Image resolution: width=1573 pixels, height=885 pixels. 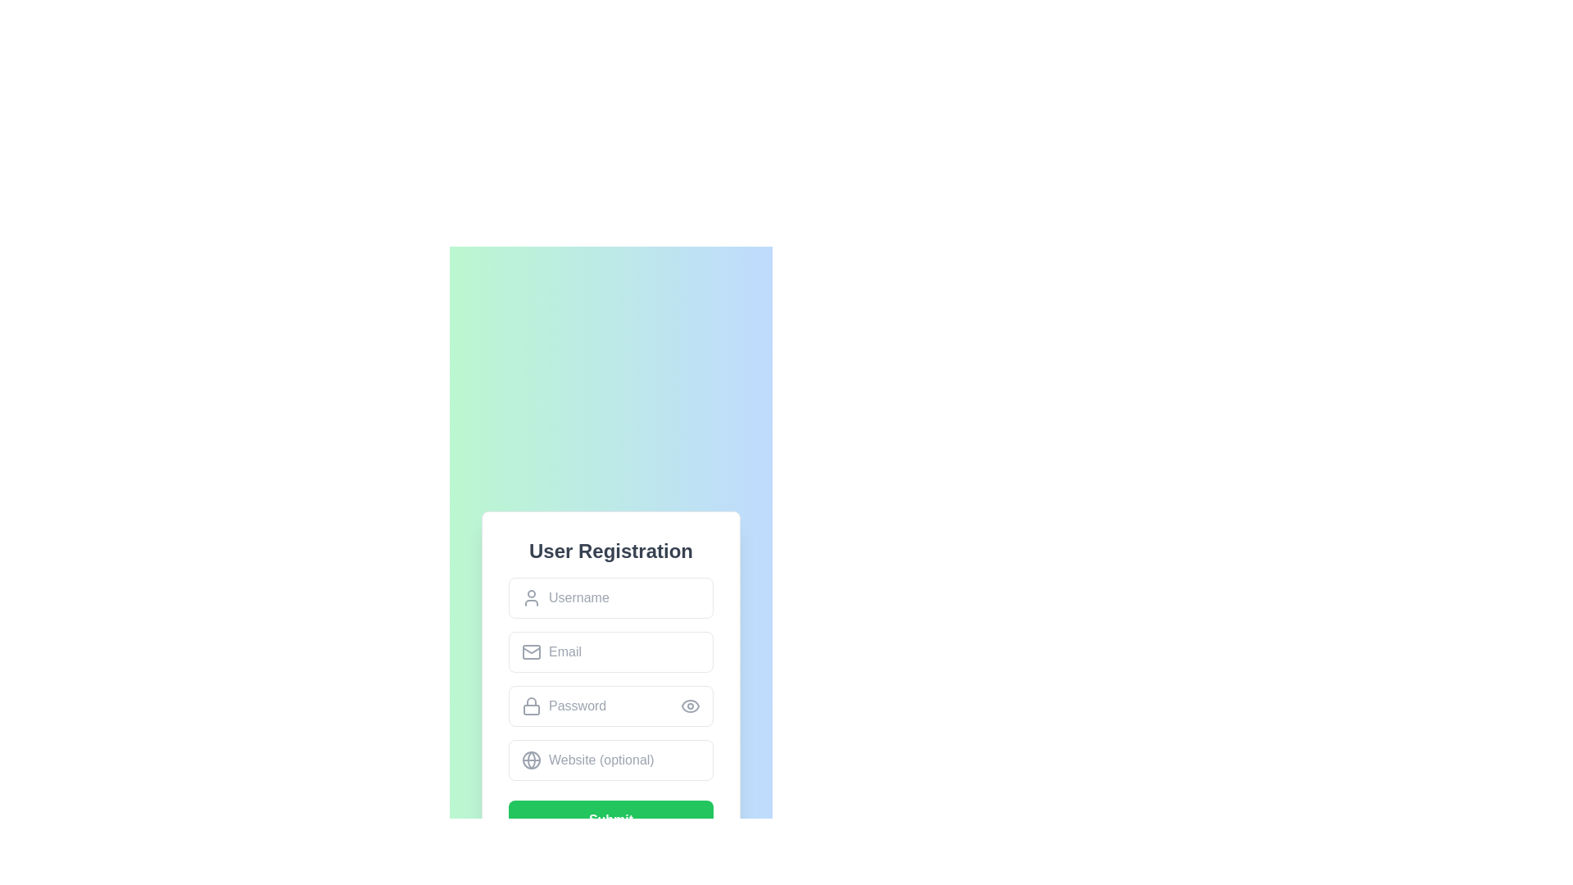 What do you see at coordinates (531, 651) in the screenshot?
I see `the envelope icon represented by the SVG rectangle, which serves as the main body of the envelope depiction` at bounding box center [531, 651].